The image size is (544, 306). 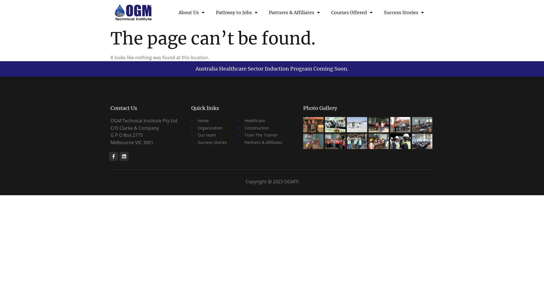 What do you see at coordinates (209, 128) in the screenshot?
I see `'Organization'` at bounding box center [209, 128].